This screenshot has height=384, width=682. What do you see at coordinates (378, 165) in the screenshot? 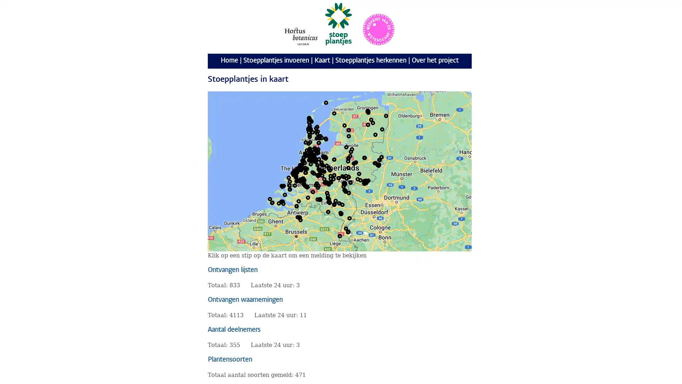
I see `Telling van Marcel Meijer Hof op 27 januari 2022` at bounding box center [378, 165].